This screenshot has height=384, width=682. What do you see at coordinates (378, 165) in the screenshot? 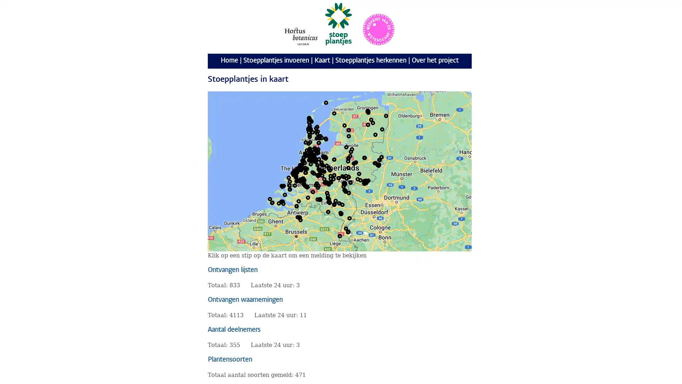
I see `Telling van Marcel Meijer Hof op 27 januari 2022` at bounding box center [378, 165].